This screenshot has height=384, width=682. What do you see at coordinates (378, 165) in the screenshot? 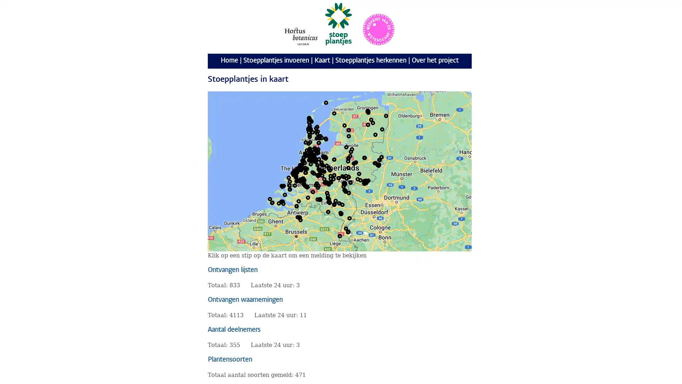
I see `Telling van Marcel Meijer Hof op 27 januari 2022` at bounding box center [378, 165].